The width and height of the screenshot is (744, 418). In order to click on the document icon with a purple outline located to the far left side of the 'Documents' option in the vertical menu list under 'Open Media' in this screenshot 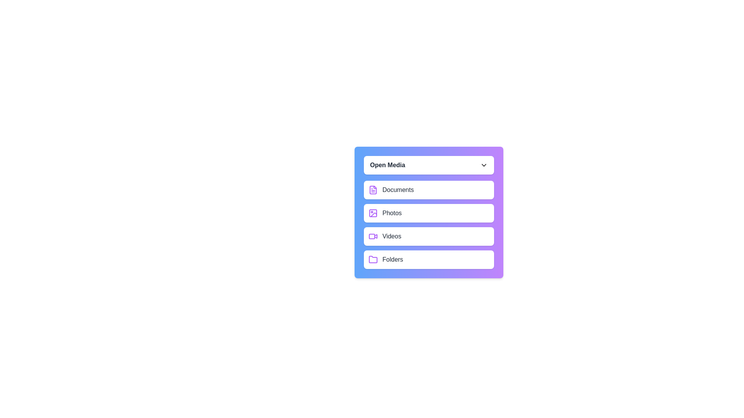, I will do `click(373, 190)`.